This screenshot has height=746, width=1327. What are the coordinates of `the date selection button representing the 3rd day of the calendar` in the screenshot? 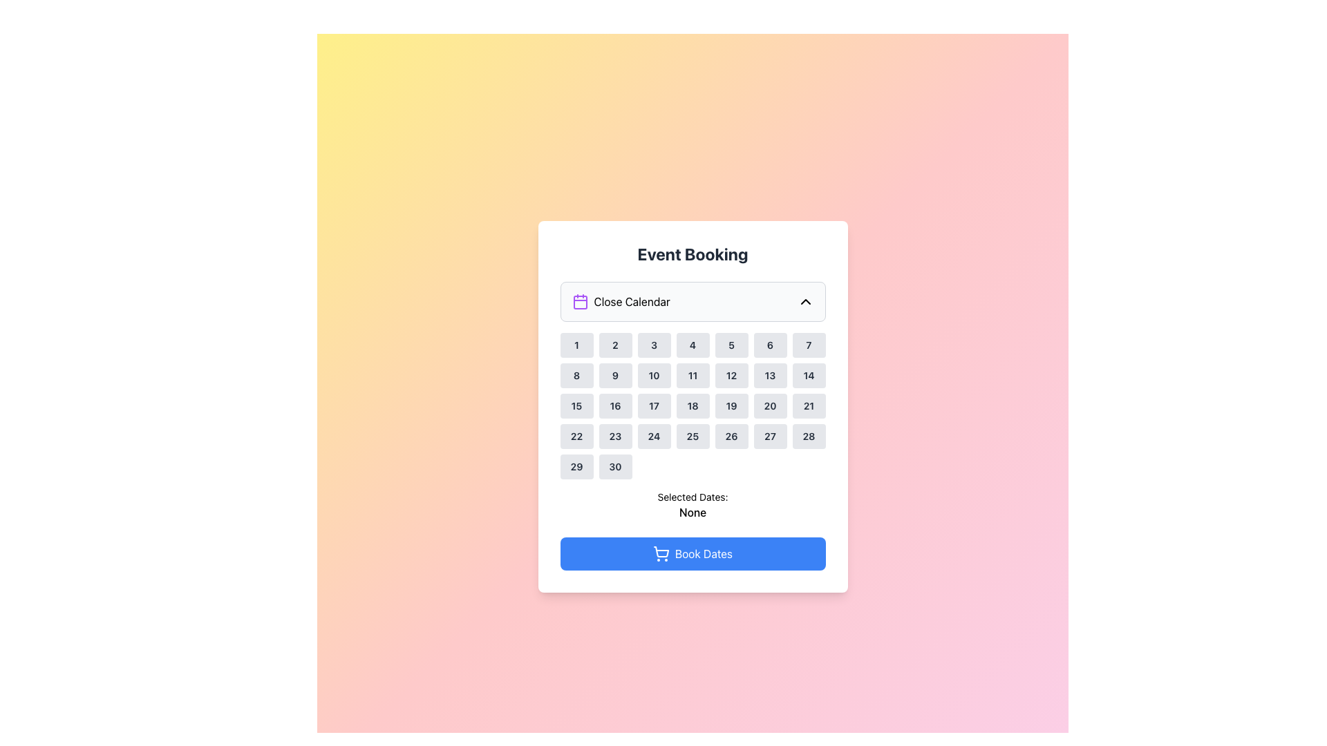 It's located at (653, 345).